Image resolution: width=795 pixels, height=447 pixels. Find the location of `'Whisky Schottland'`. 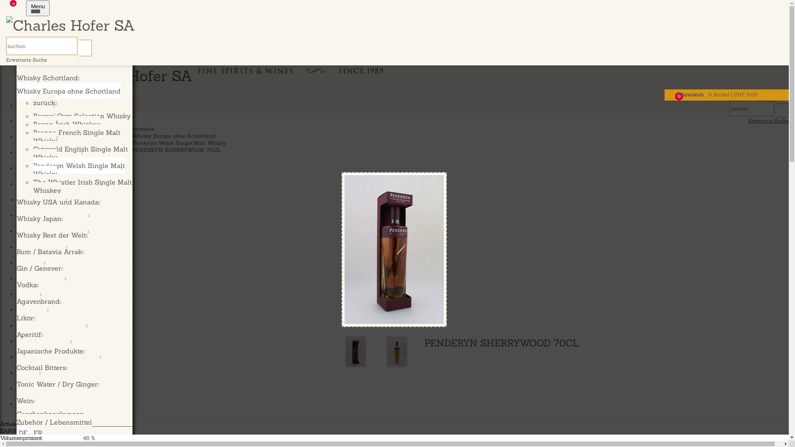

'Whisky Schottland' is located at coordinates (16, 78).